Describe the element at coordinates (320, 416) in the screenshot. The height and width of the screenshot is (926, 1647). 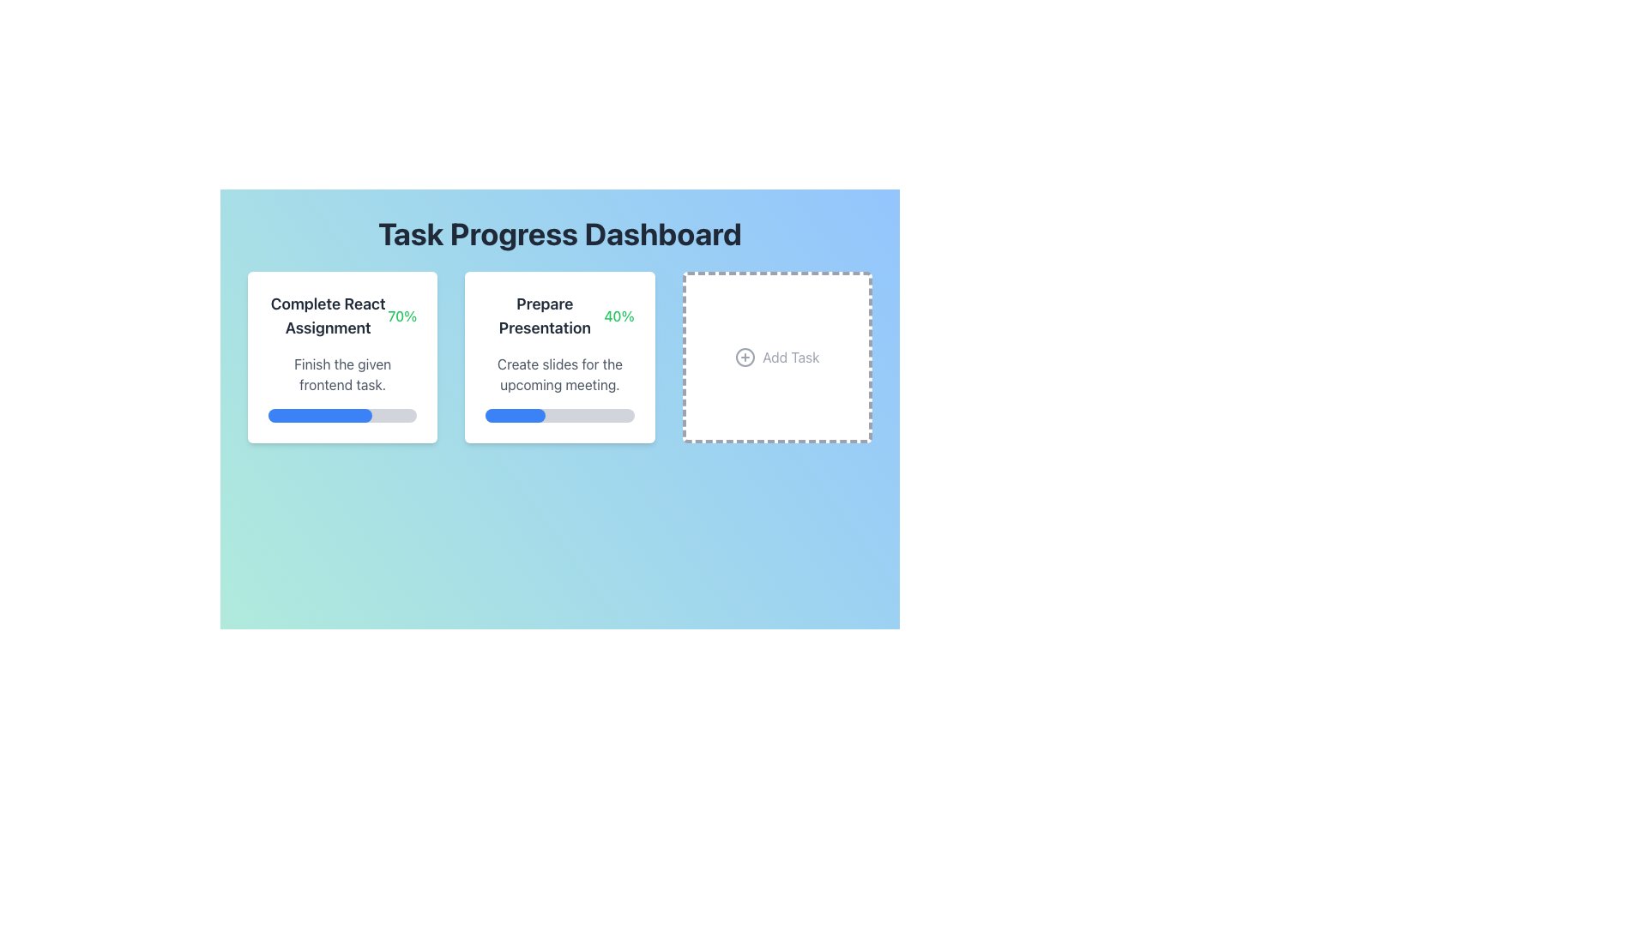
I see `the progress value of the Progress Bar indicating 70% completion within the 'Complete React Assignment' card` at that location.